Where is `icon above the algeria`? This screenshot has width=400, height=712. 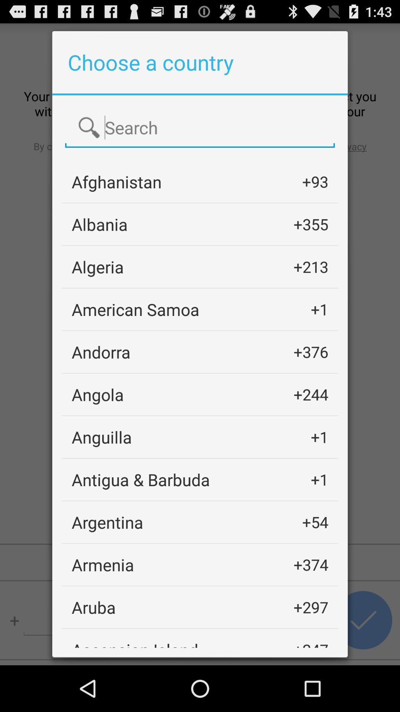 icon above the algeria is located at coordinates (99, 224).